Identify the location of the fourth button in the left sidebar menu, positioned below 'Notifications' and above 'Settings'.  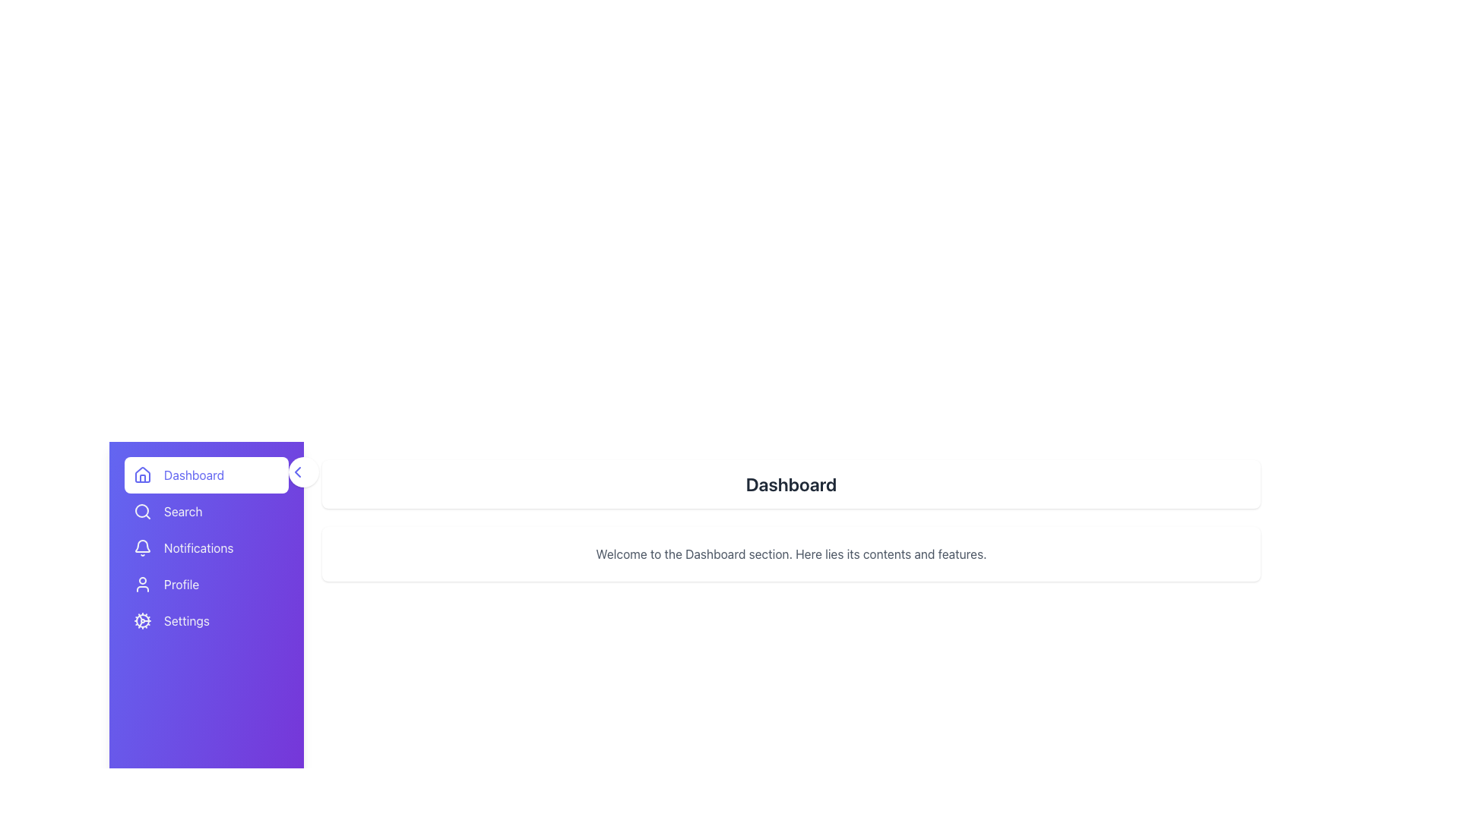
(206, 584).